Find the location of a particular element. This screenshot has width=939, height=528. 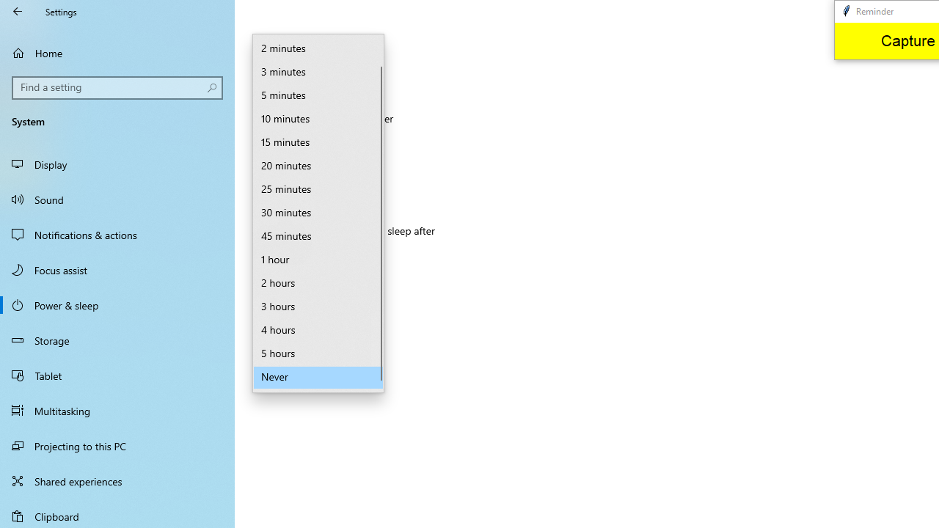

'Multitasking' is located at coordinates (117, 410).